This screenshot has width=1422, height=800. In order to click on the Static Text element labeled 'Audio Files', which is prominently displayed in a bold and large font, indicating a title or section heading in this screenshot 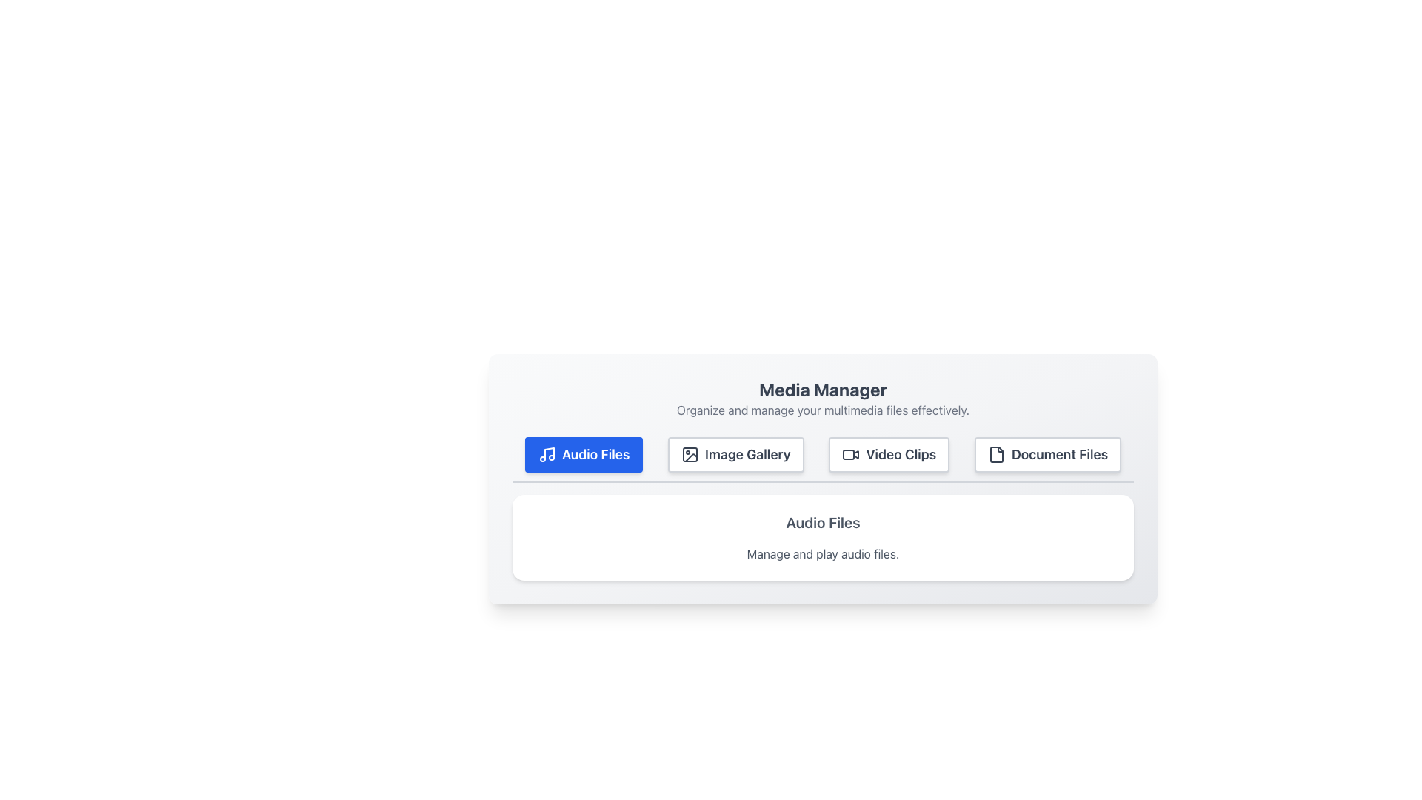, I will do `click(822, 521)`.